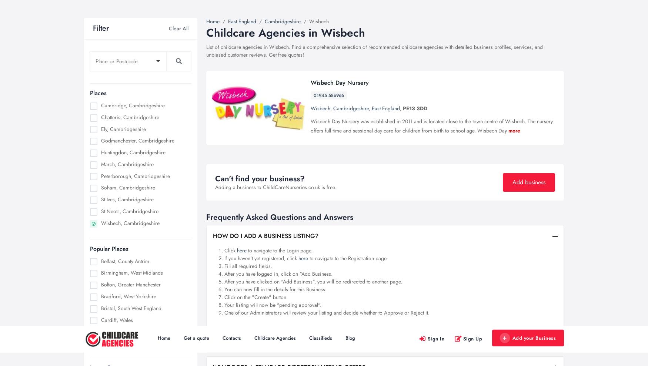 This screenshot has height=366, width=648. I want to click on 'The Science Behind The Benefits Of ...', so click(156, 275).